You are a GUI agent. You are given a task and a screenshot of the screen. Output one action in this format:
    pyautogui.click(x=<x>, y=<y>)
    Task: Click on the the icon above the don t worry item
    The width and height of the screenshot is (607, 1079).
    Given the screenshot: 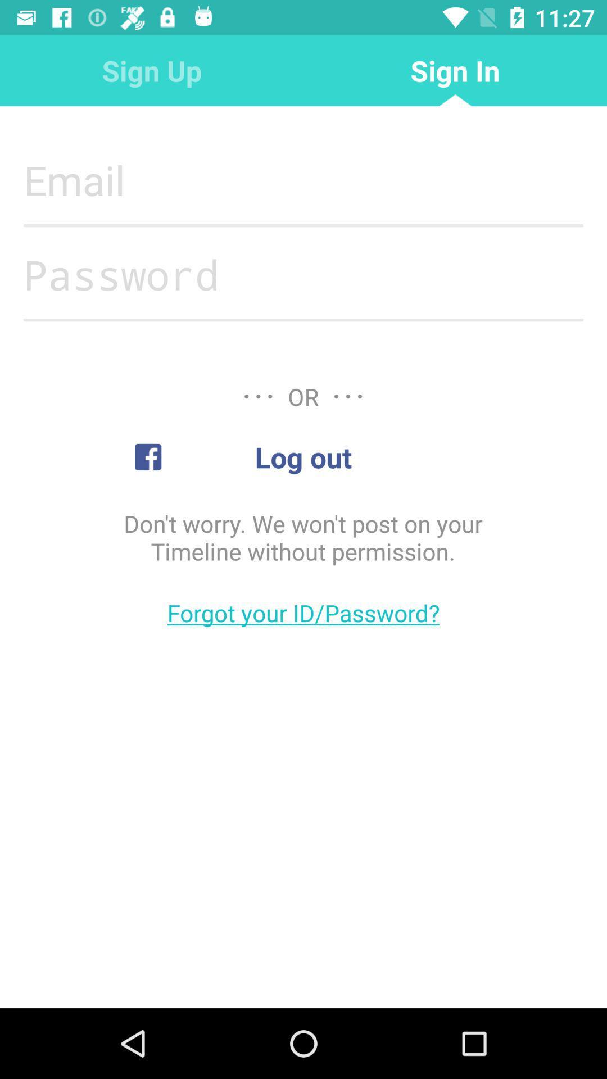 What is the action you would take?
    pyautogui.click(x=303, y=457)
    